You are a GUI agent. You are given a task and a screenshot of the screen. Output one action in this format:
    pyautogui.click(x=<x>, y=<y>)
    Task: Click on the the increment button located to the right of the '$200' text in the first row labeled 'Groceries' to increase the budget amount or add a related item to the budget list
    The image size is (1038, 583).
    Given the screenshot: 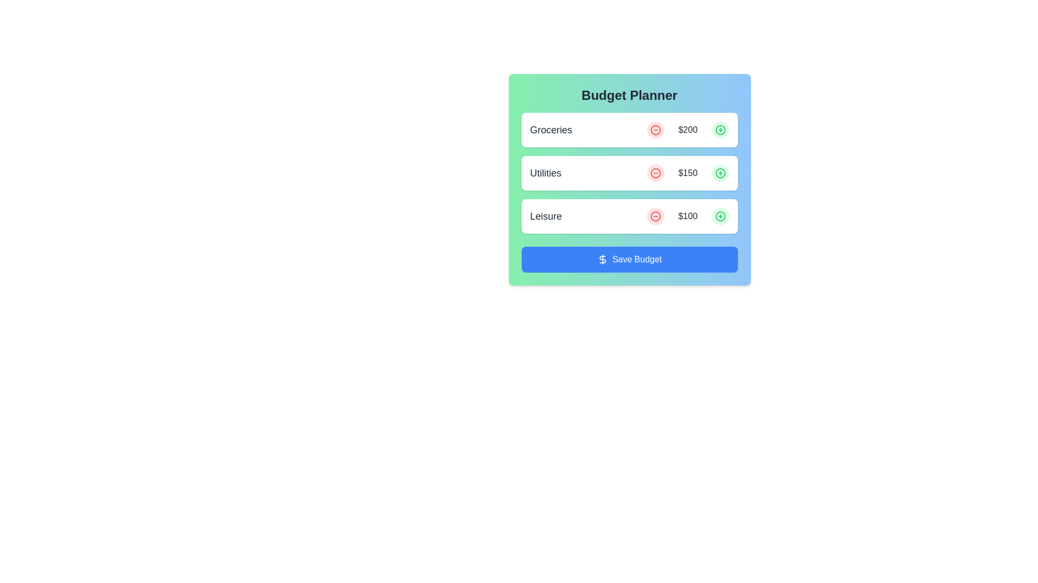 What is the action you would take?
    pyautogui.click(x=720, y=129)
    